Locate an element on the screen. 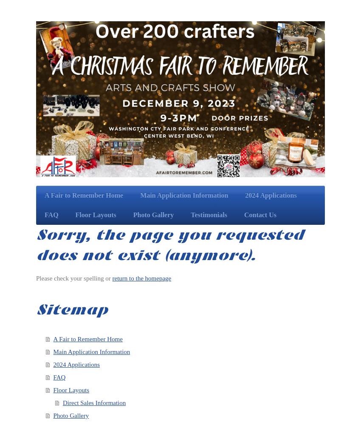  'Please check your spelling or' is located at coordinates (73, 278).